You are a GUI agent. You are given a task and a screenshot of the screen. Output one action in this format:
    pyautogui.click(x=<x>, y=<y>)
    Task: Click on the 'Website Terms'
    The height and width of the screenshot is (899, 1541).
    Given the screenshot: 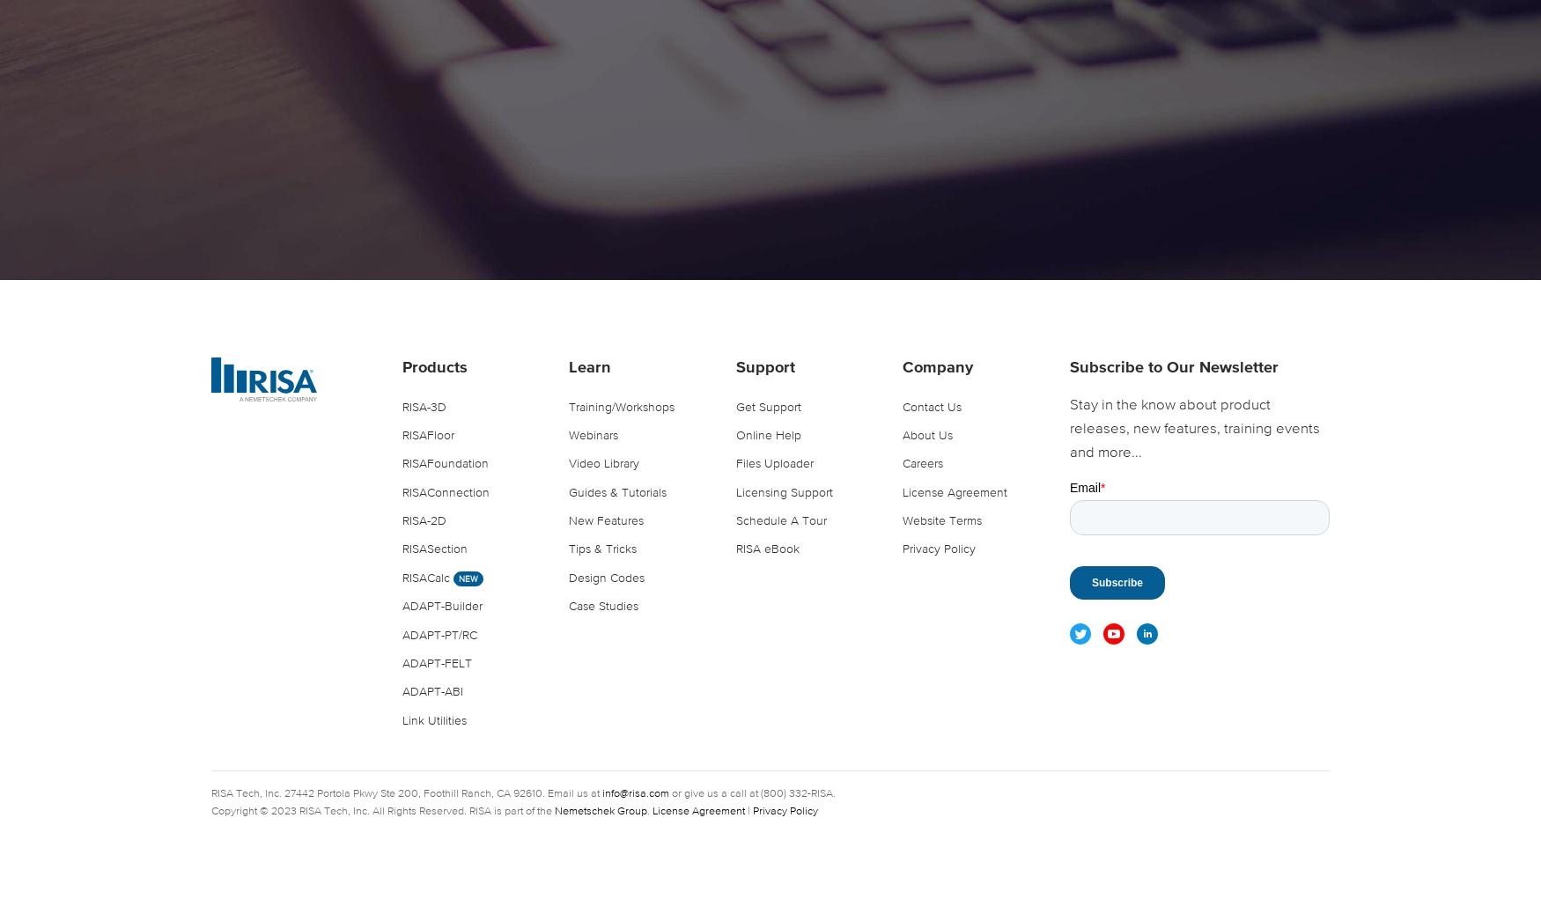 What is the action you would take?
    pyautogui.click(x=941, y=520)
    